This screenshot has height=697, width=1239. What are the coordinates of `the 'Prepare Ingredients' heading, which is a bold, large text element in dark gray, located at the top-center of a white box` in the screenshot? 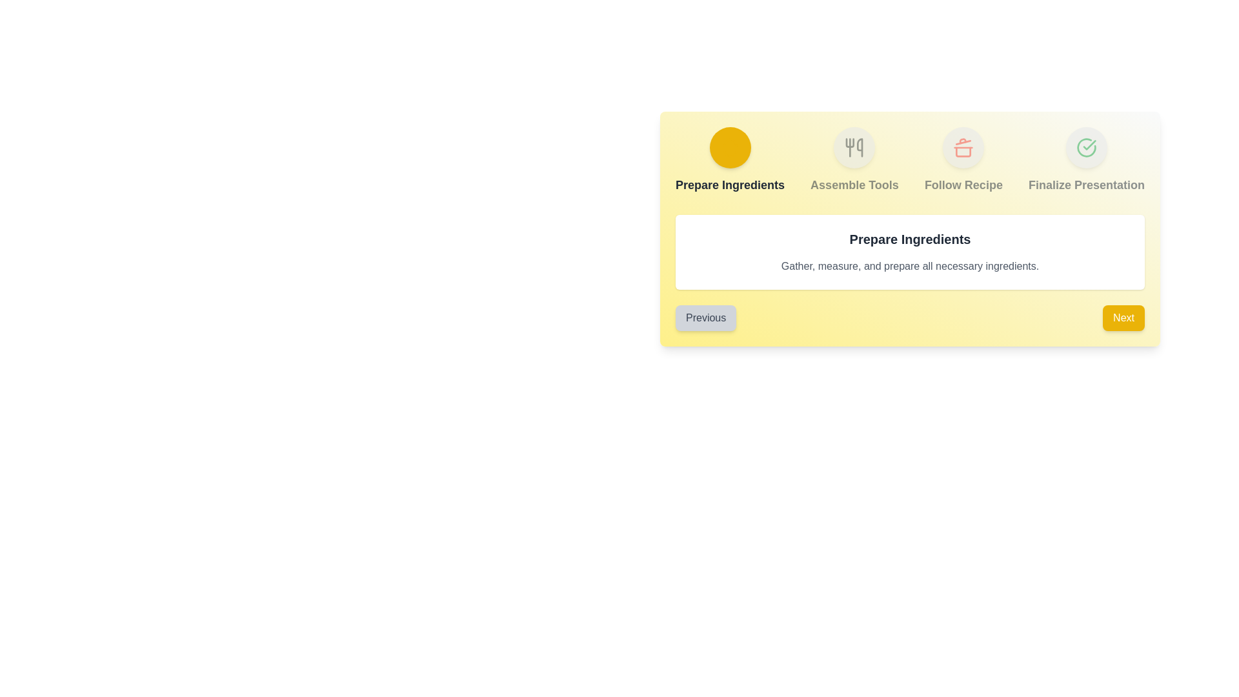 It's located at (909, 239).